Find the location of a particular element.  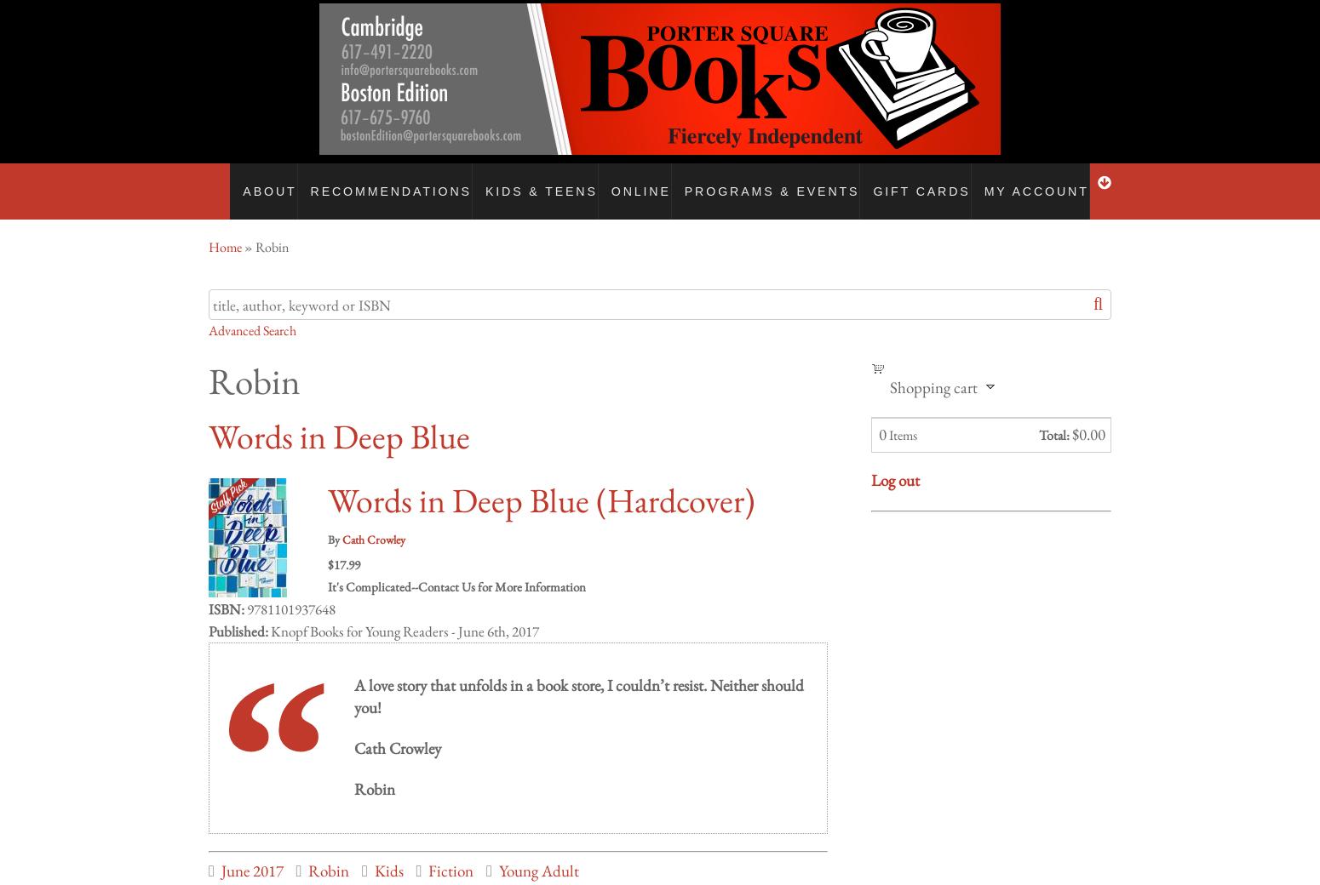

'It's Complicated--Contact Us for More Information' is located at coordinates (327, 569).